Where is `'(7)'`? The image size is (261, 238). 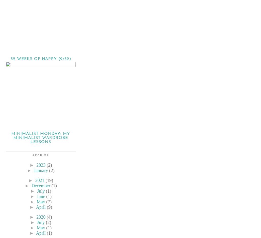 '(7)' is located at coordinates (49, 201).